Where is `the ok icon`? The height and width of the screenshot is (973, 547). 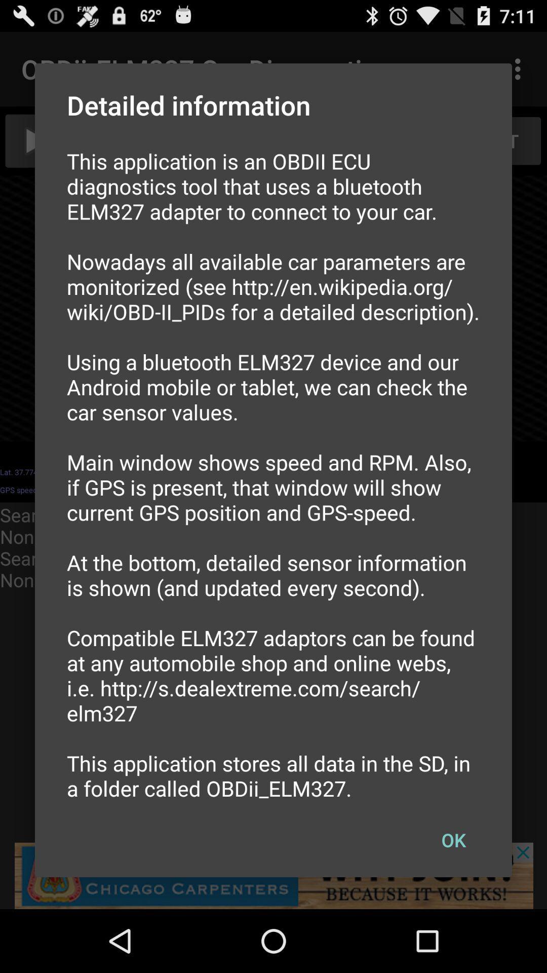
the ok icon is located at coordinates (453, 840).